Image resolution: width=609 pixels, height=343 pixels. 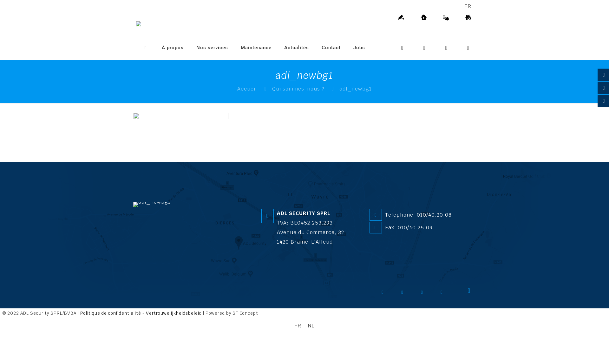 I want to click on 'NL', so click(x=304, y=326).